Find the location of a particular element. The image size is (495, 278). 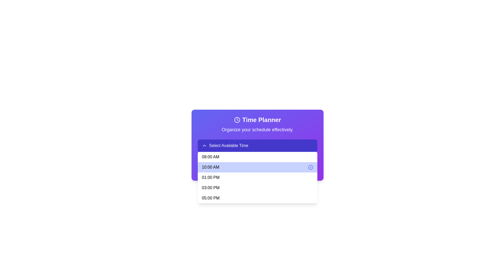

context provided by the Text Label that explains the displayed time value, located below the header and above the time '10:00 AM' is located at coordinates (257, 161).